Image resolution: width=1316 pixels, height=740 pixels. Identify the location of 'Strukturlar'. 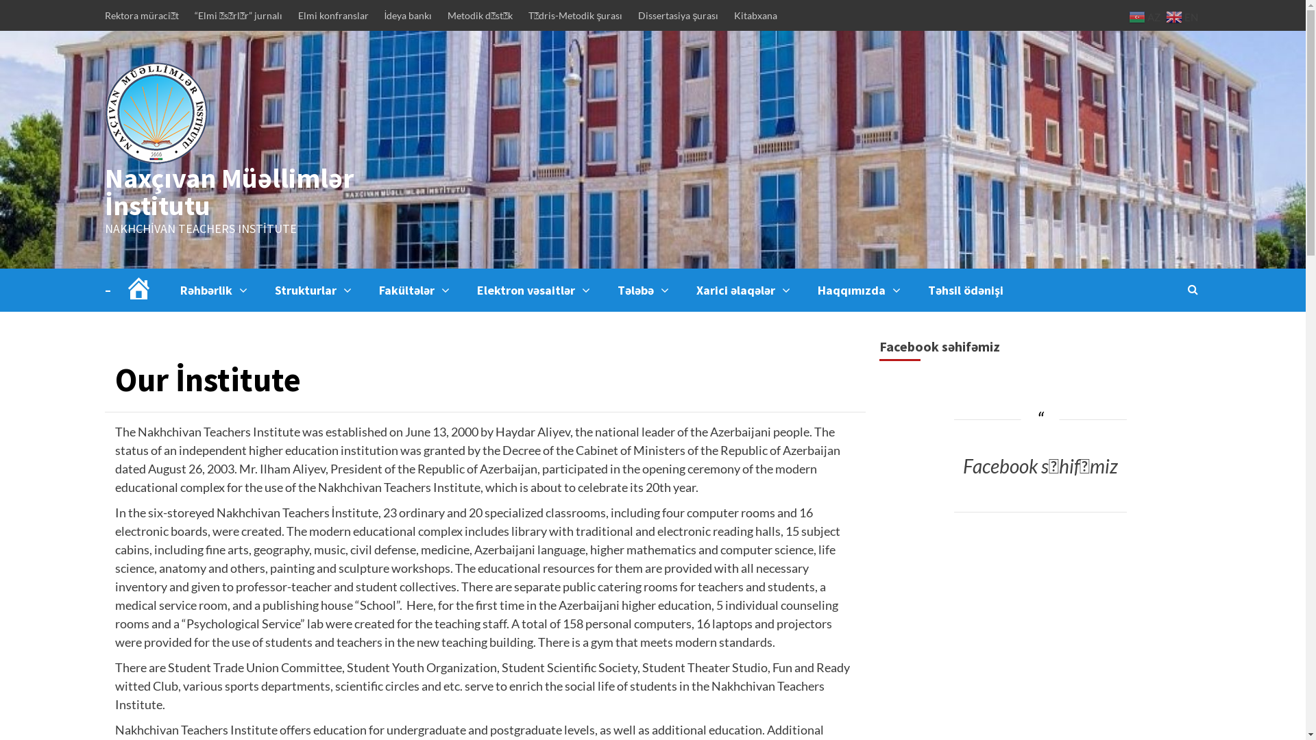
(326, 289).